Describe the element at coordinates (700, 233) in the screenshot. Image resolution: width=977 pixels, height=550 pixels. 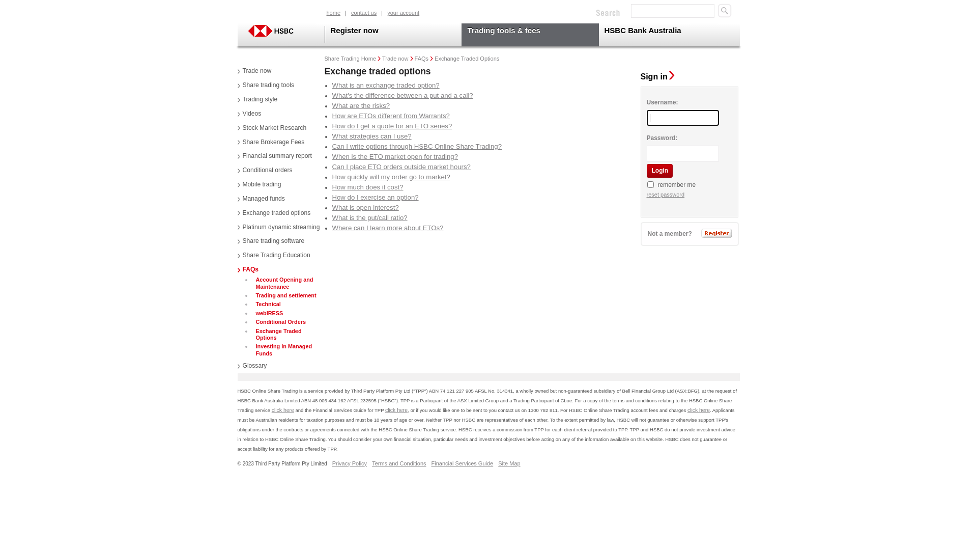
I see `'register'` at that location.